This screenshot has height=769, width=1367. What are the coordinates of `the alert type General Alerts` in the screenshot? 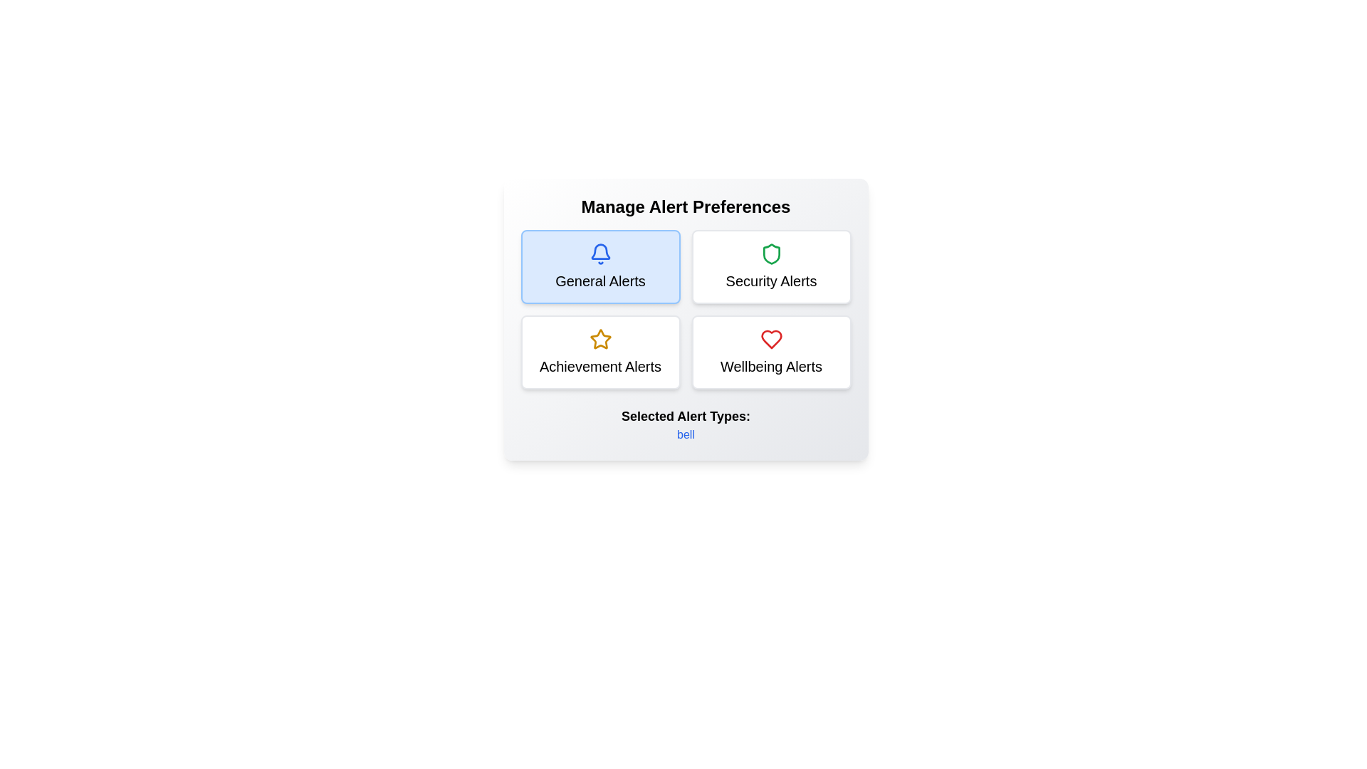 It's located at (600, 266).